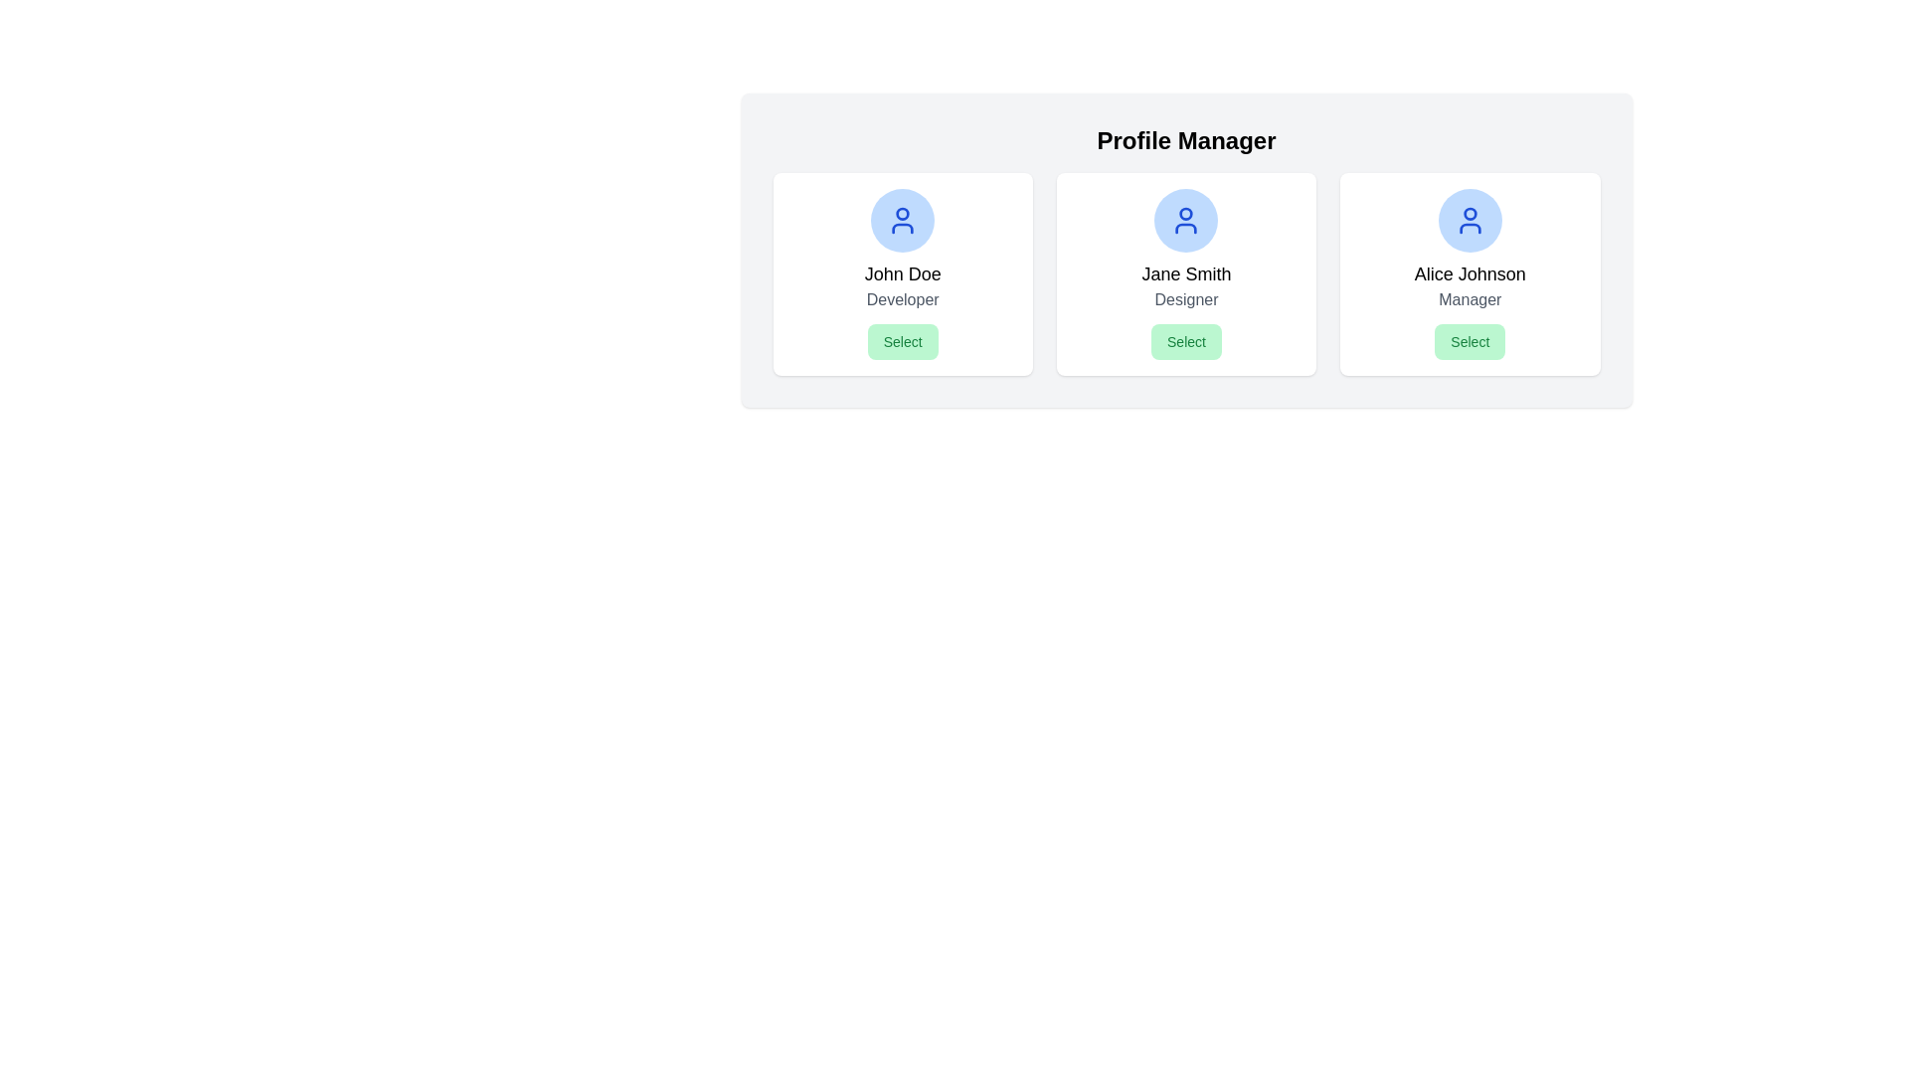  I want to click on the decorative icon representing Alice Johnson, which is centrally positioned in the top circular section of her card, located in the rightmost card of a horizontally aligned group of three cards, so click(1470, 221).